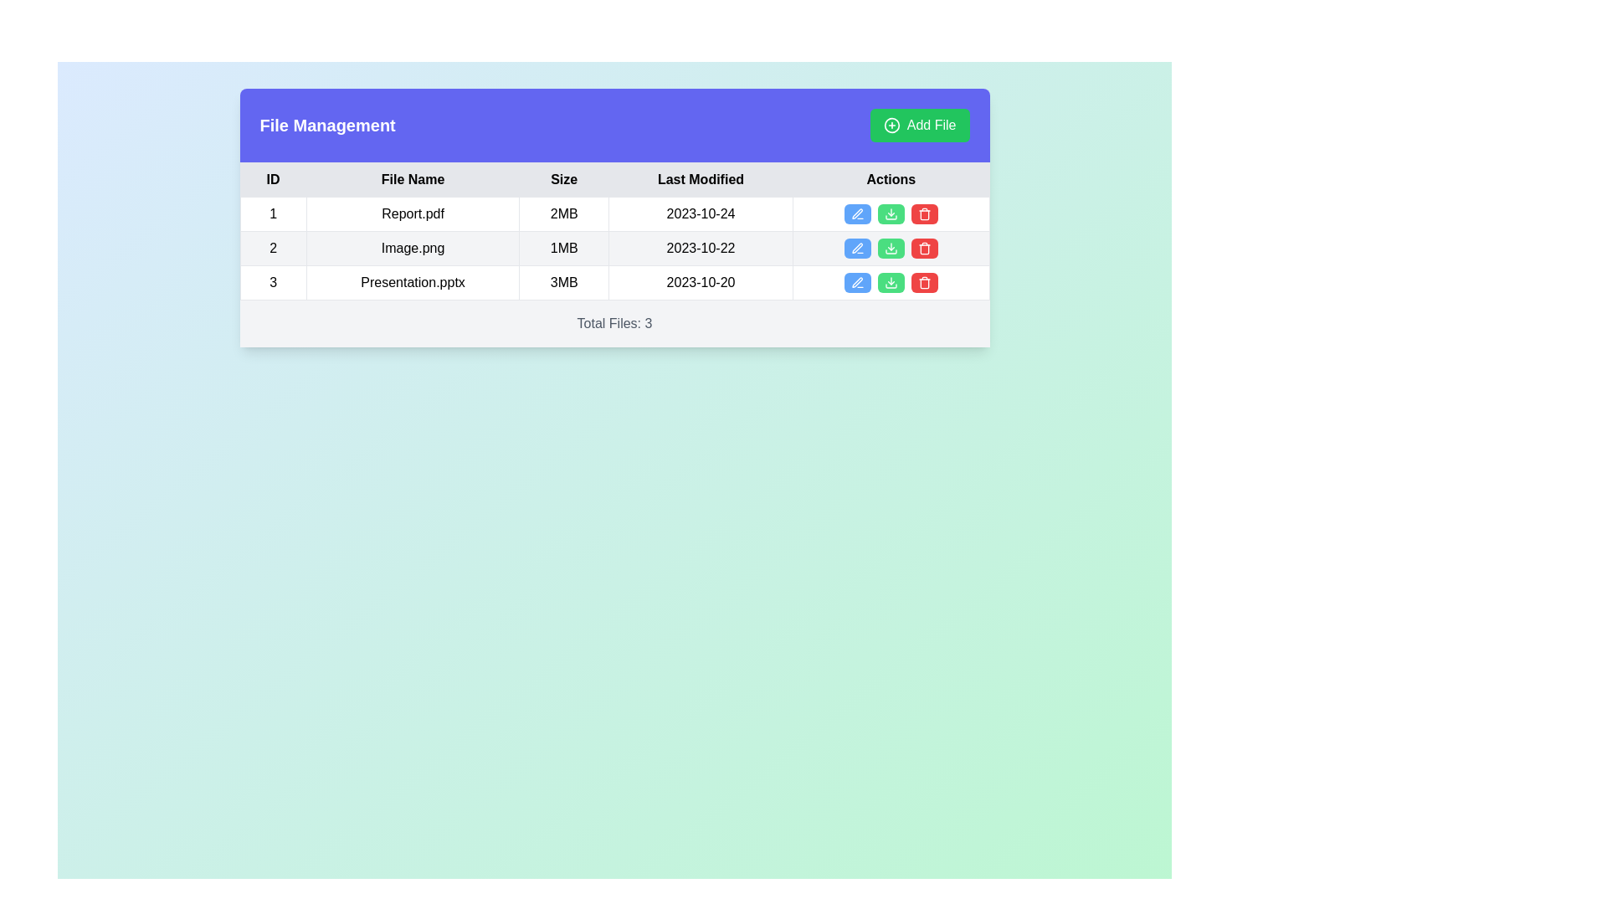  I want to click on the green download button in the 'Actions' column for the row labeled 'Image.png' to initiate a file download, so click(890, 249).